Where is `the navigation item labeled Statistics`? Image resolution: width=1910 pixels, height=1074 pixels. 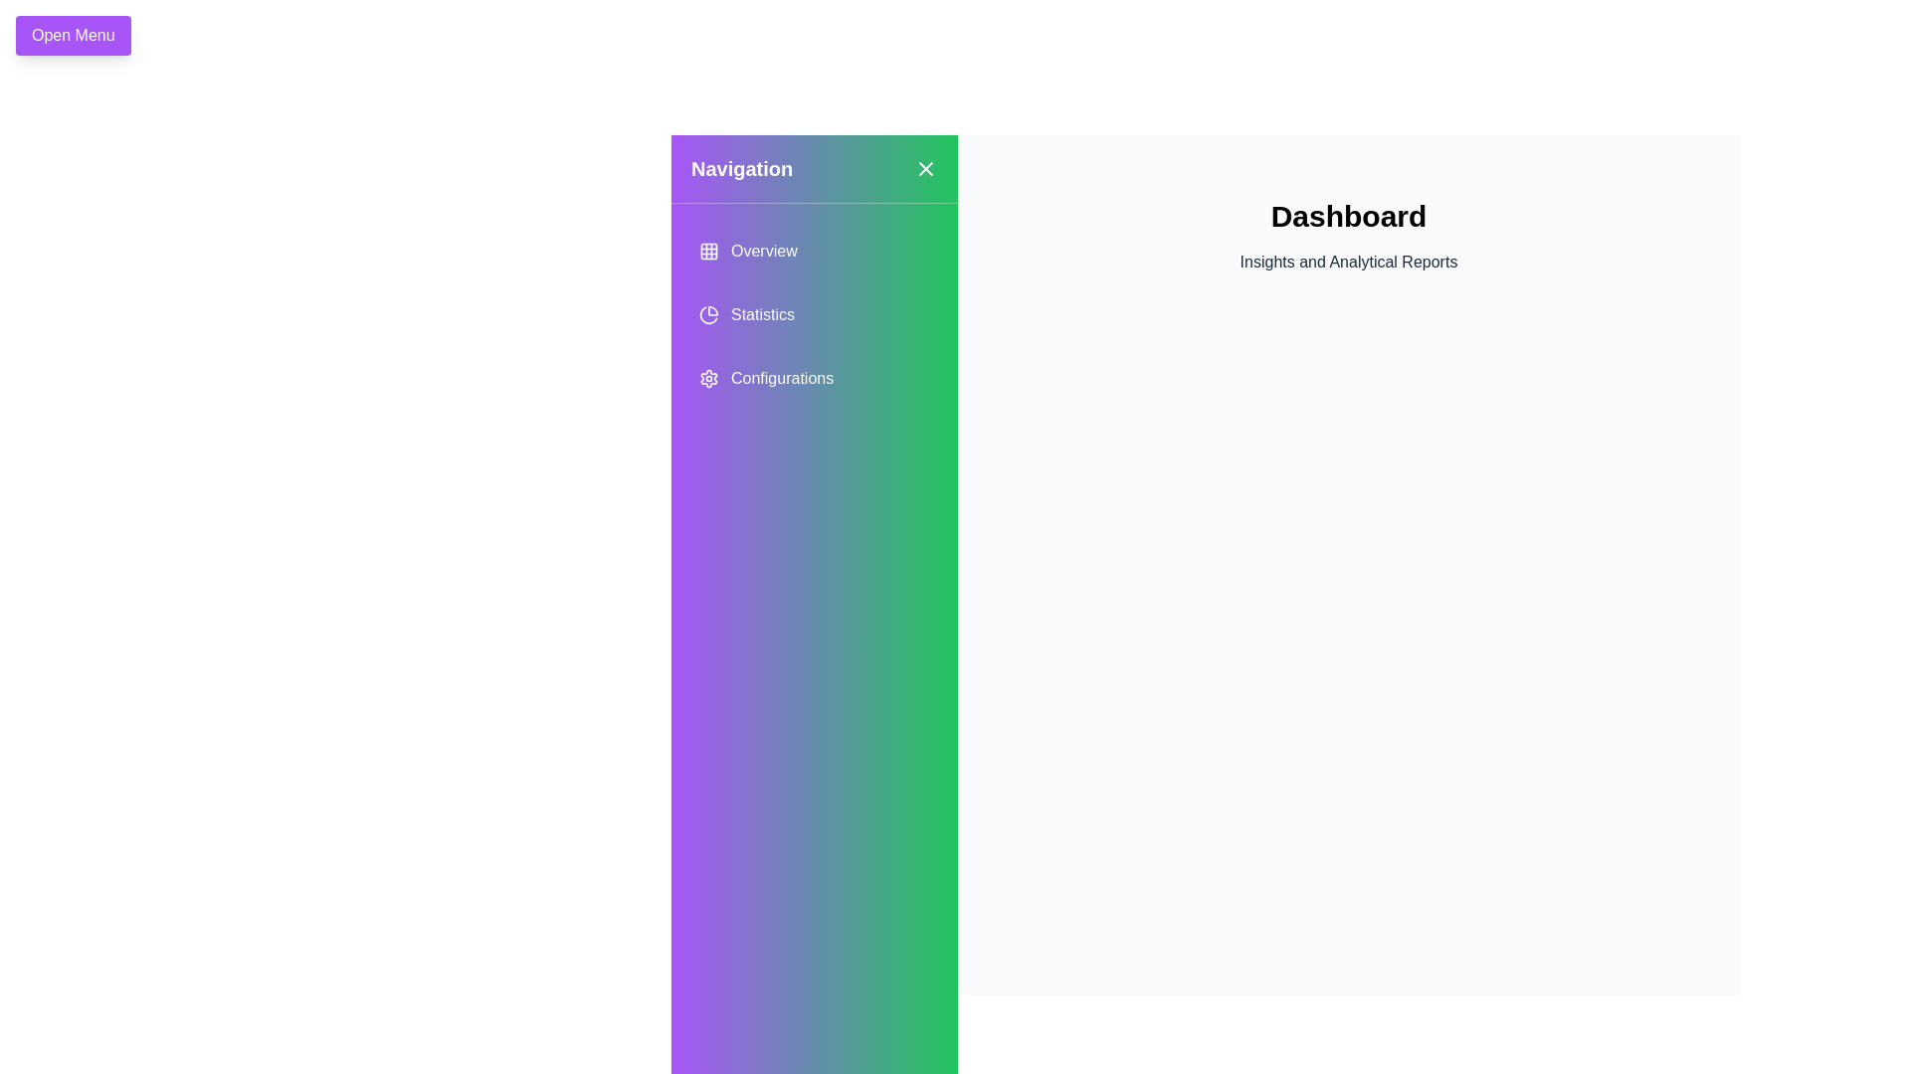
the navigation item labeled Statistics is located at coordinates (815, 313).